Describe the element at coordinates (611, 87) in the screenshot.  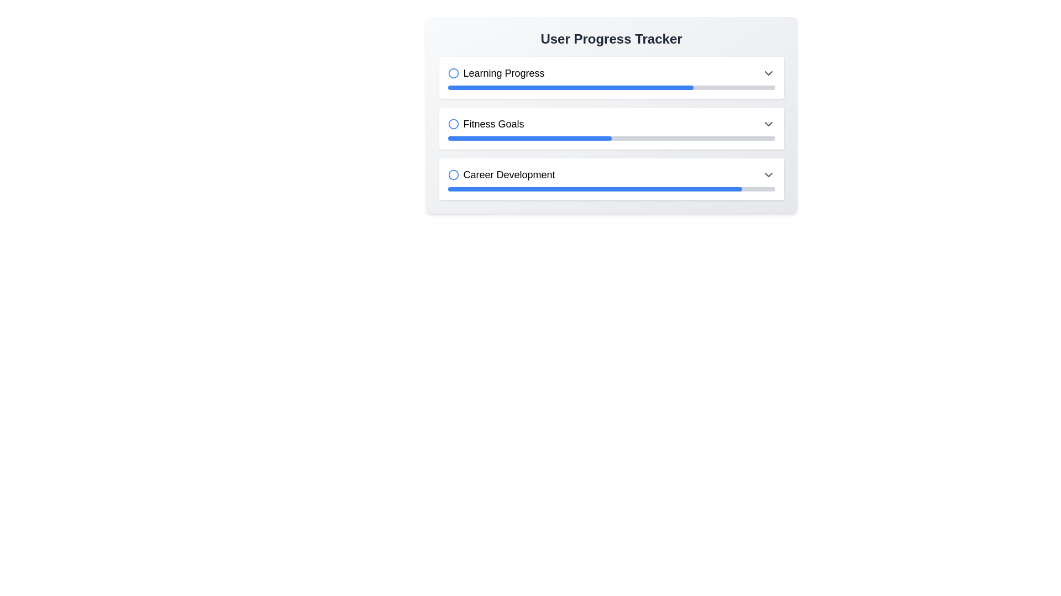
I see `the Progress Bar located within the 'Learning Progress' card, which features a grey background with a blue segment indicating progress` at that location.